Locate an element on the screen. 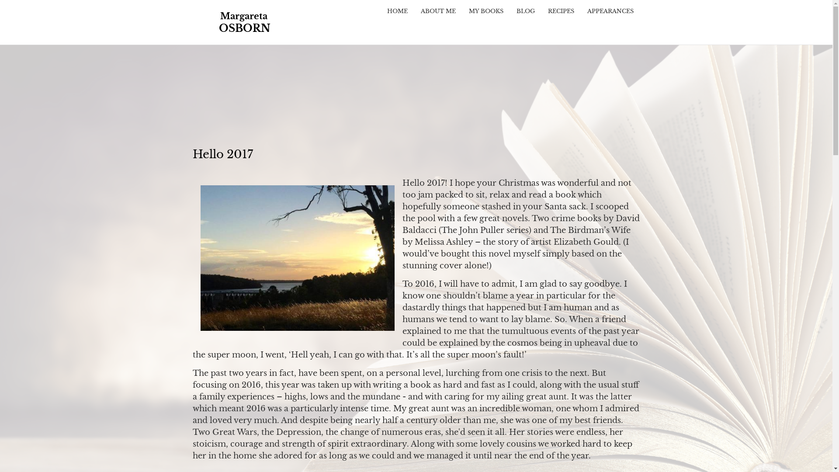 This screenshot has width=839, height=472. 'APPEARANCES' is located at coordinates (580, 11).